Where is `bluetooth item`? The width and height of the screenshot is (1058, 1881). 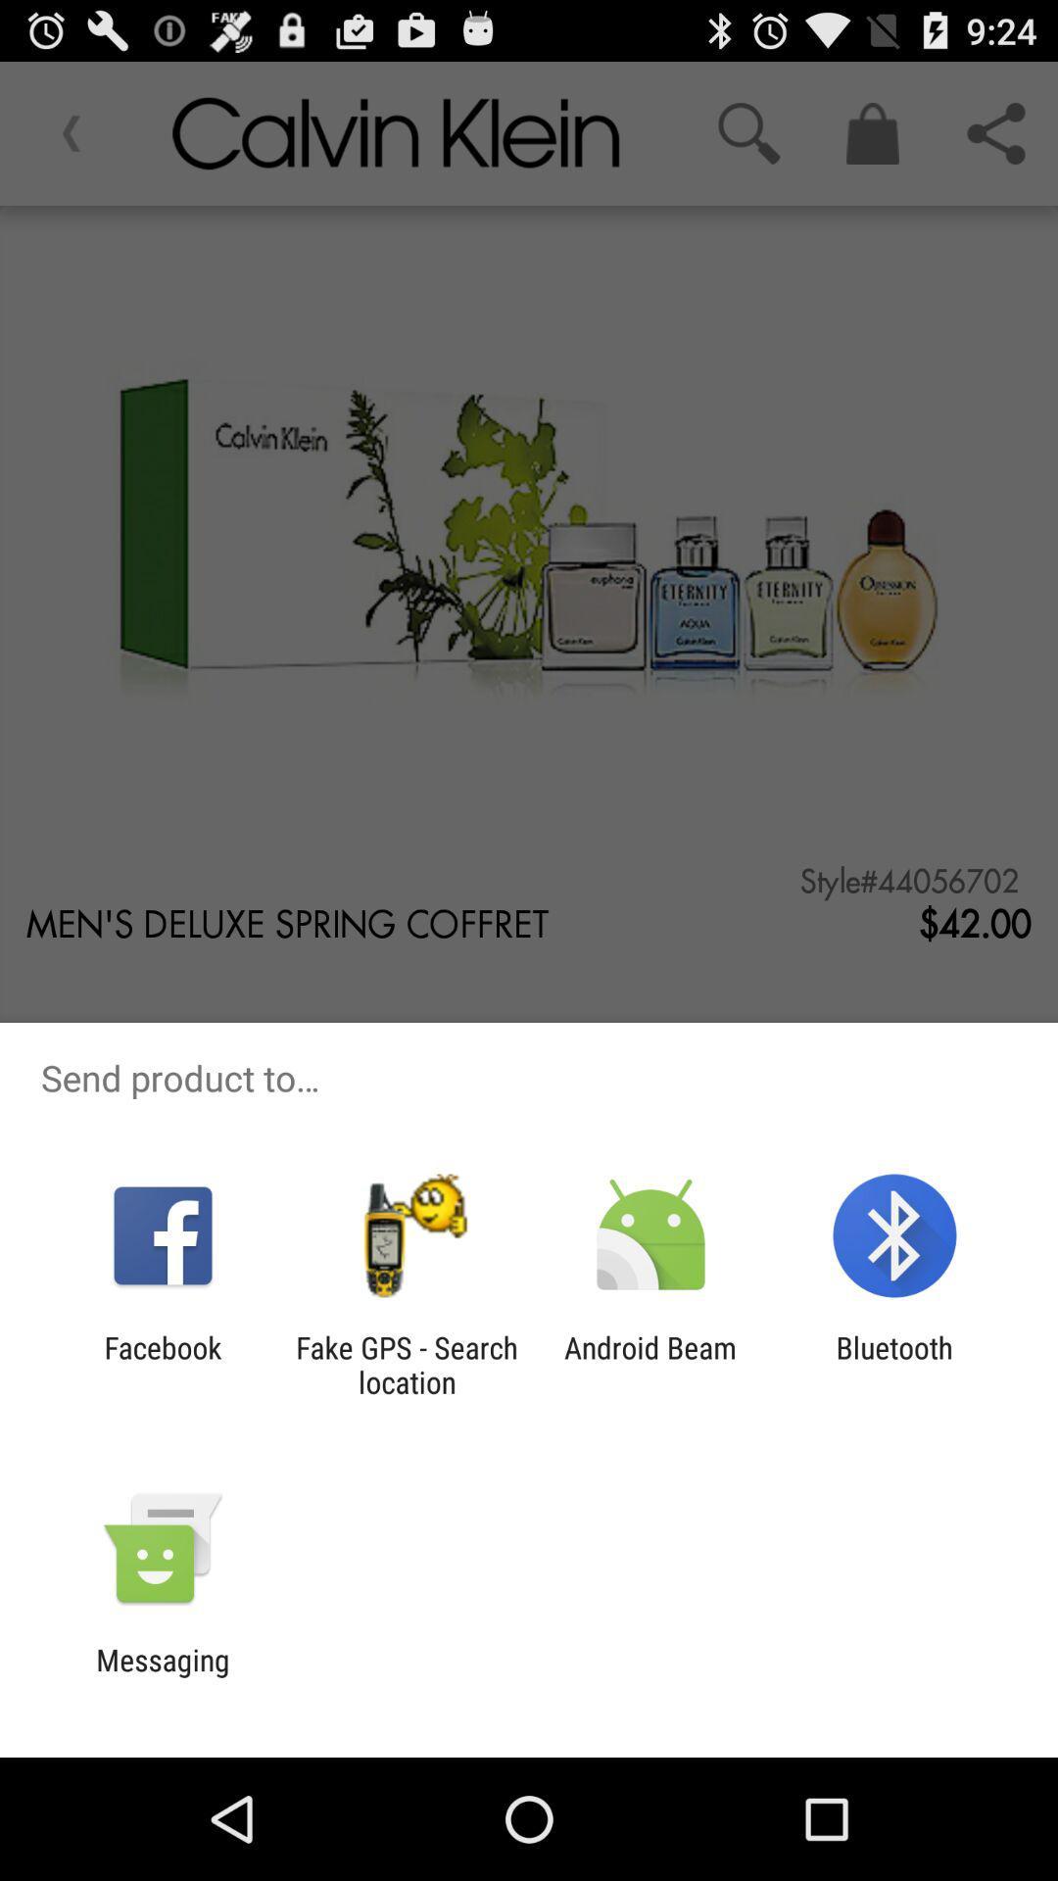 bluetooth item is located at coordinates (894, 1364).